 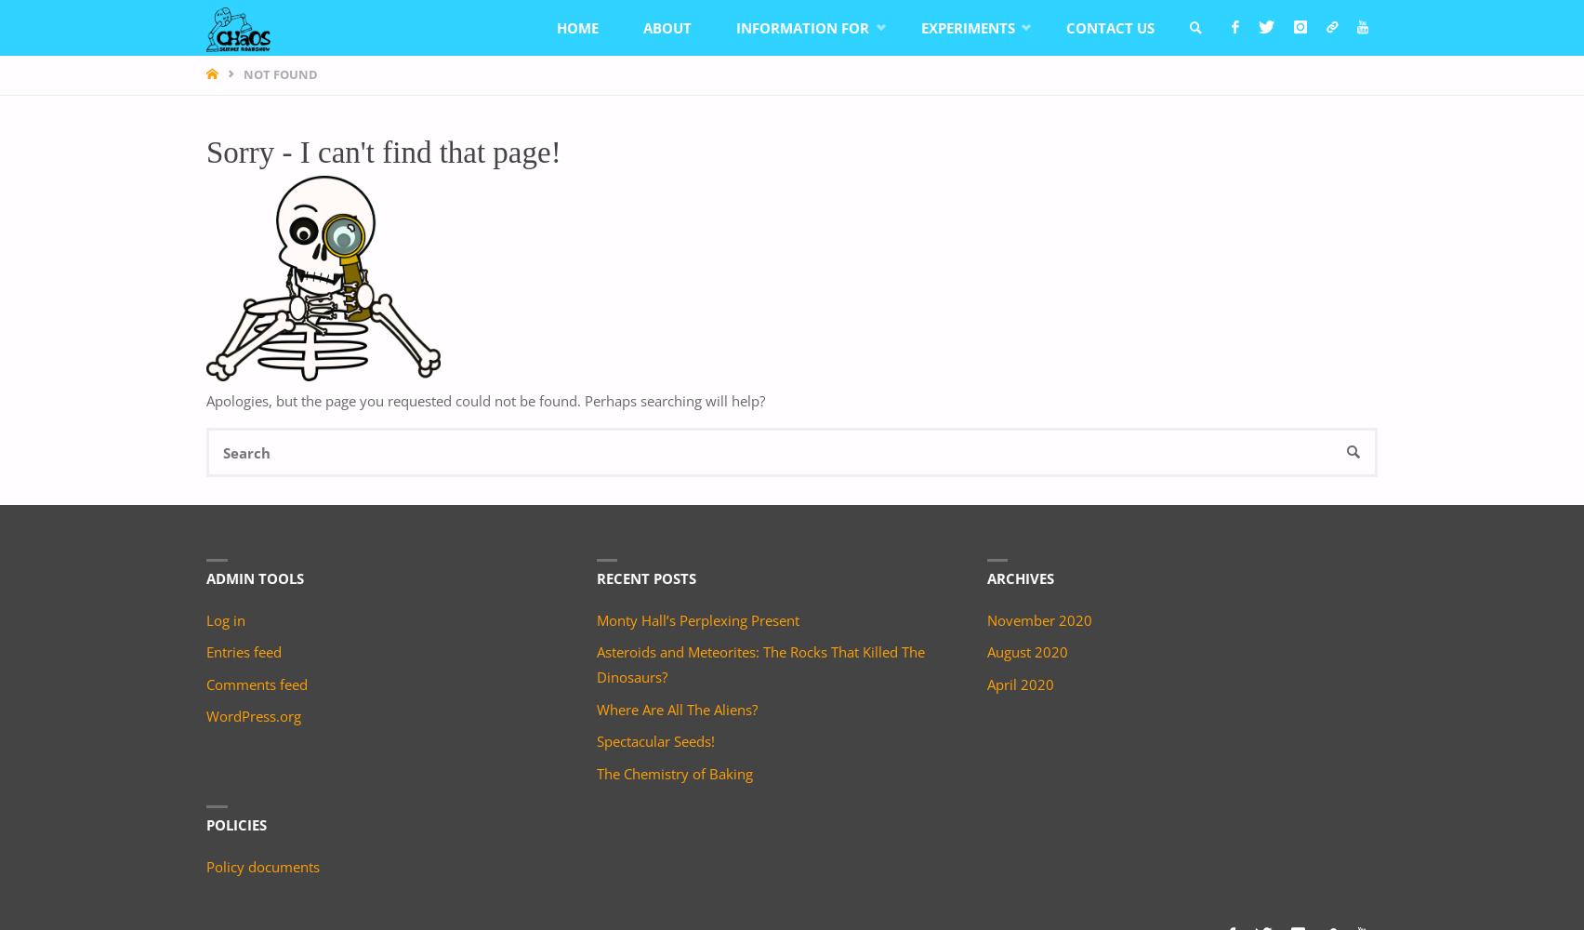 What do you see at coordinates (653, 741) in the screenshot?
I see `'Spectacular Seeds!'` at bounding box center [653, 741].